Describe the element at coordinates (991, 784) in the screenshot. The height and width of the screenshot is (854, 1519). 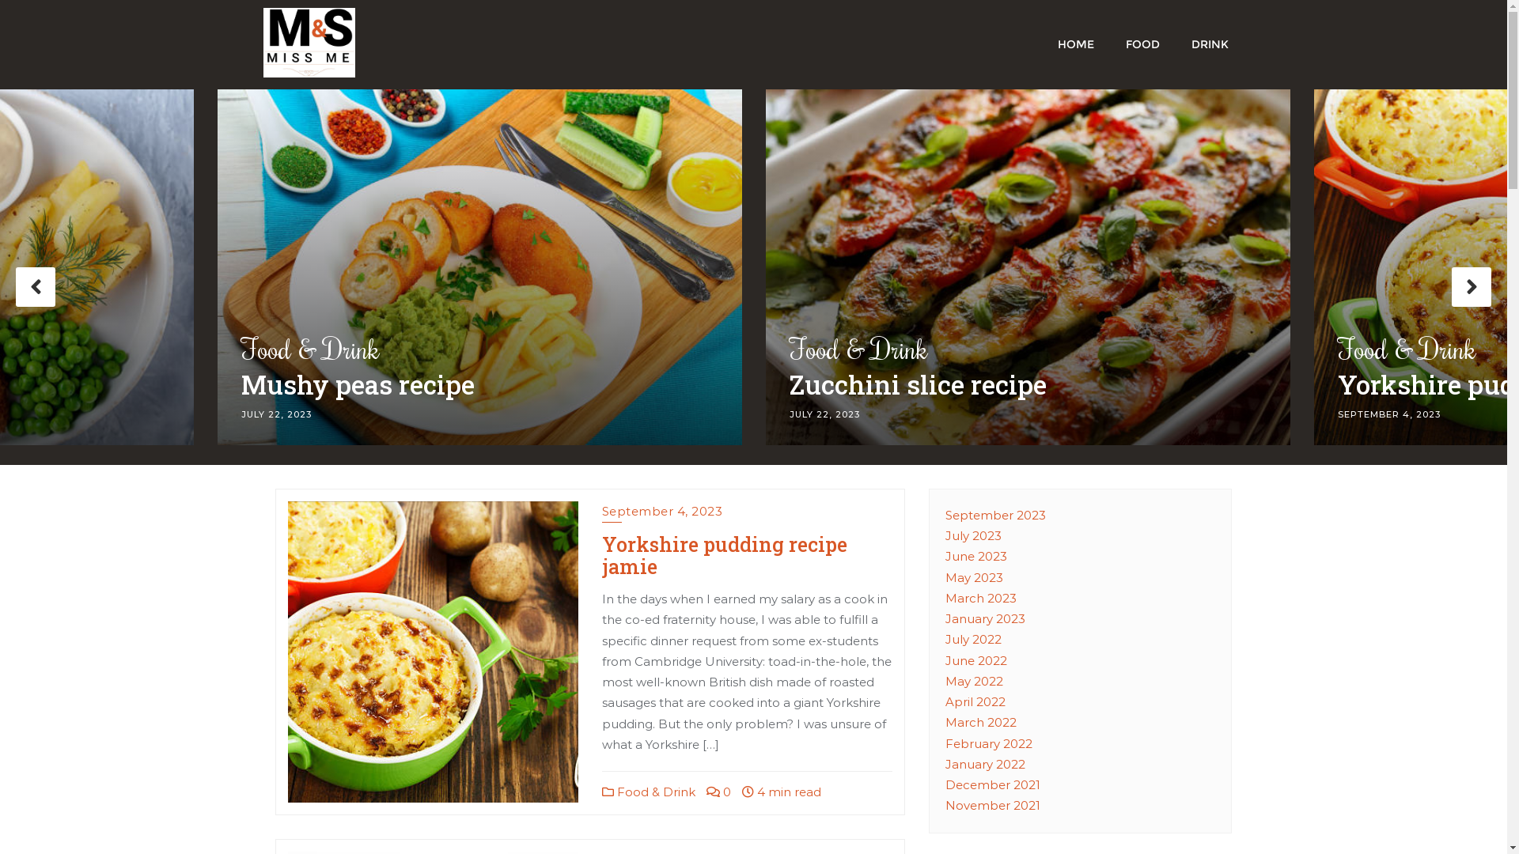
I see `'December 2021'` at that location.